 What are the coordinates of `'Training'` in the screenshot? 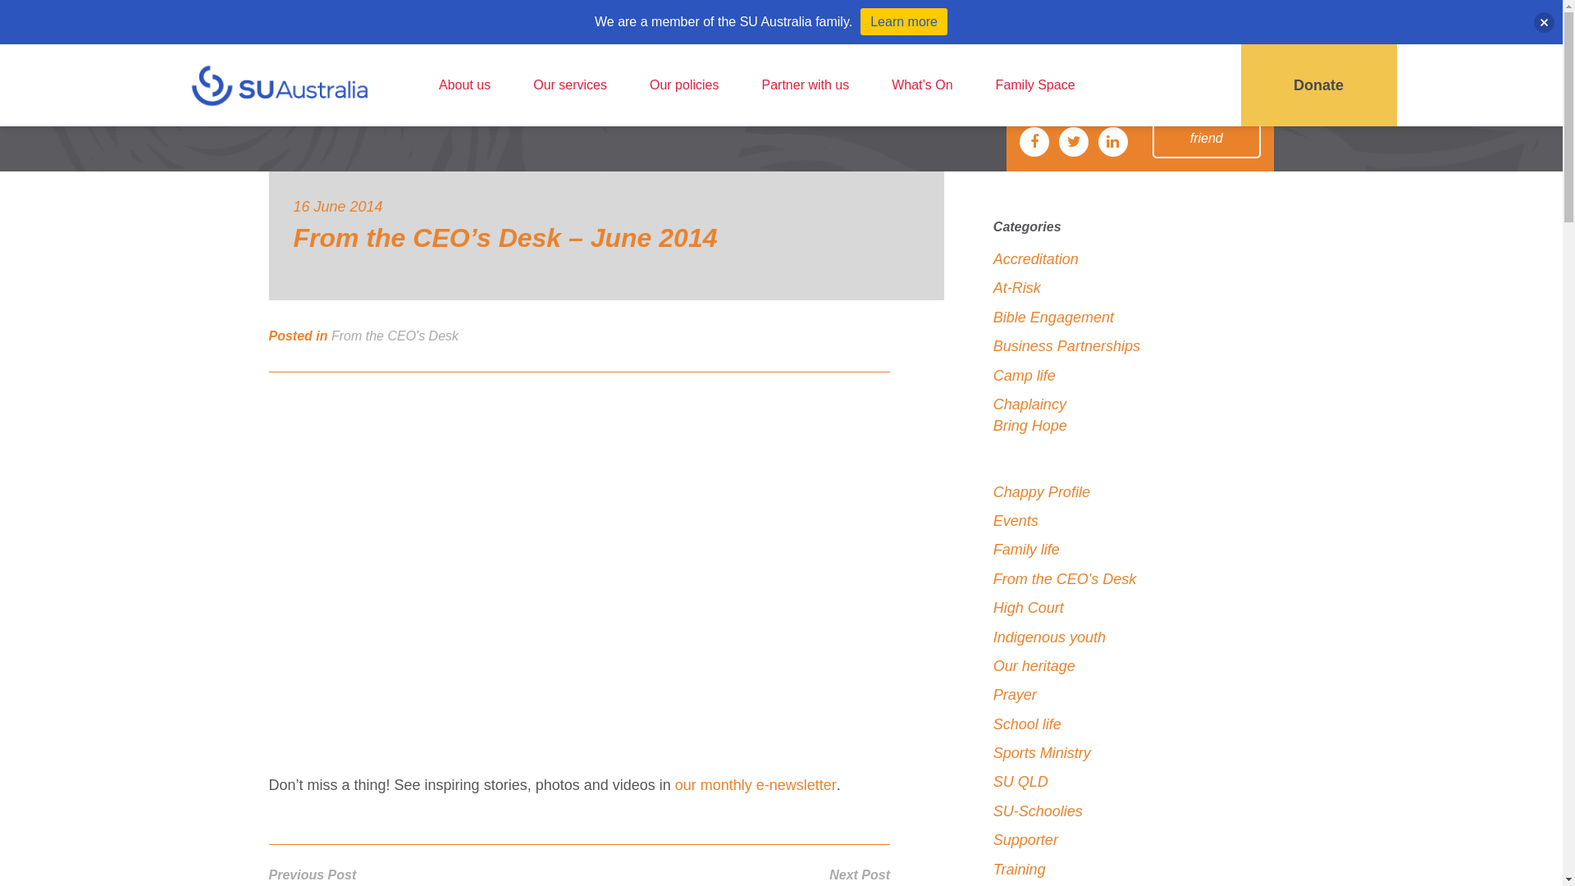 It's located at (1019, 868).